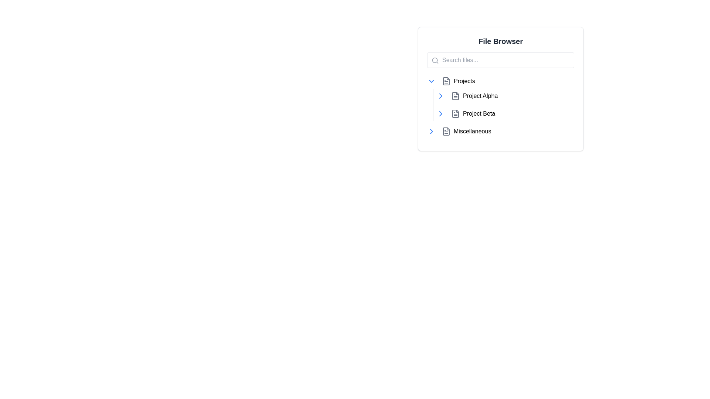 The width and height of the screenshot is (710, 399). Describe the element at coordinates (435, 60) in the screenshot. I see `the circular SVG icon element representing the magnifying glass in the search bar of the file browser interface` at that location.